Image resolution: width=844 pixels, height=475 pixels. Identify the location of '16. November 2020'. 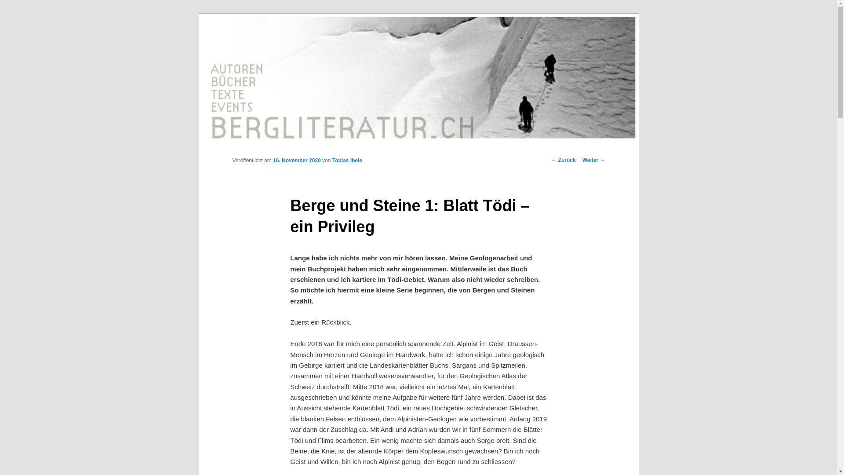
(297, 161).